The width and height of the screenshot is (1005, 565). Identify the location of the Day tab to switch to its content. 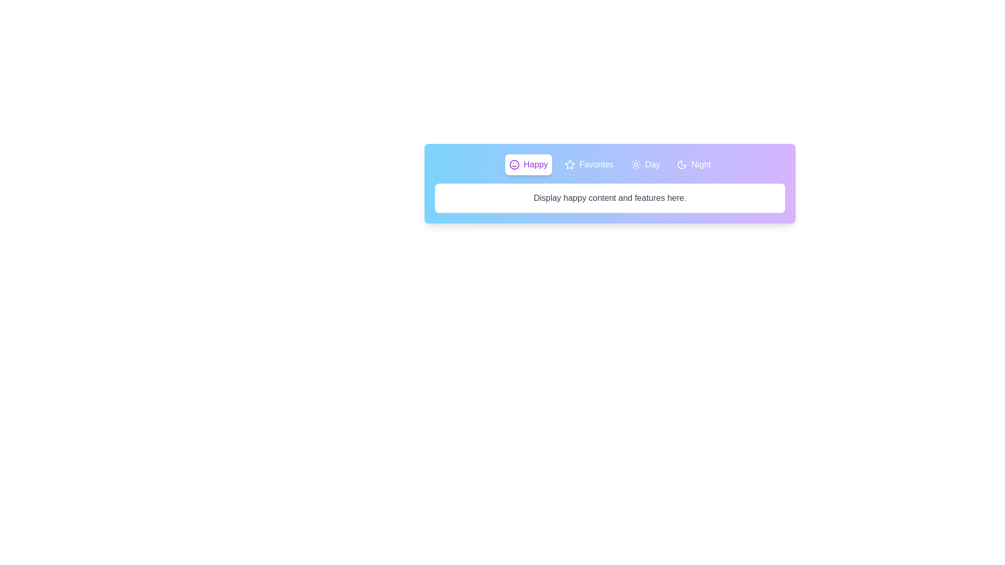
(644, 165).